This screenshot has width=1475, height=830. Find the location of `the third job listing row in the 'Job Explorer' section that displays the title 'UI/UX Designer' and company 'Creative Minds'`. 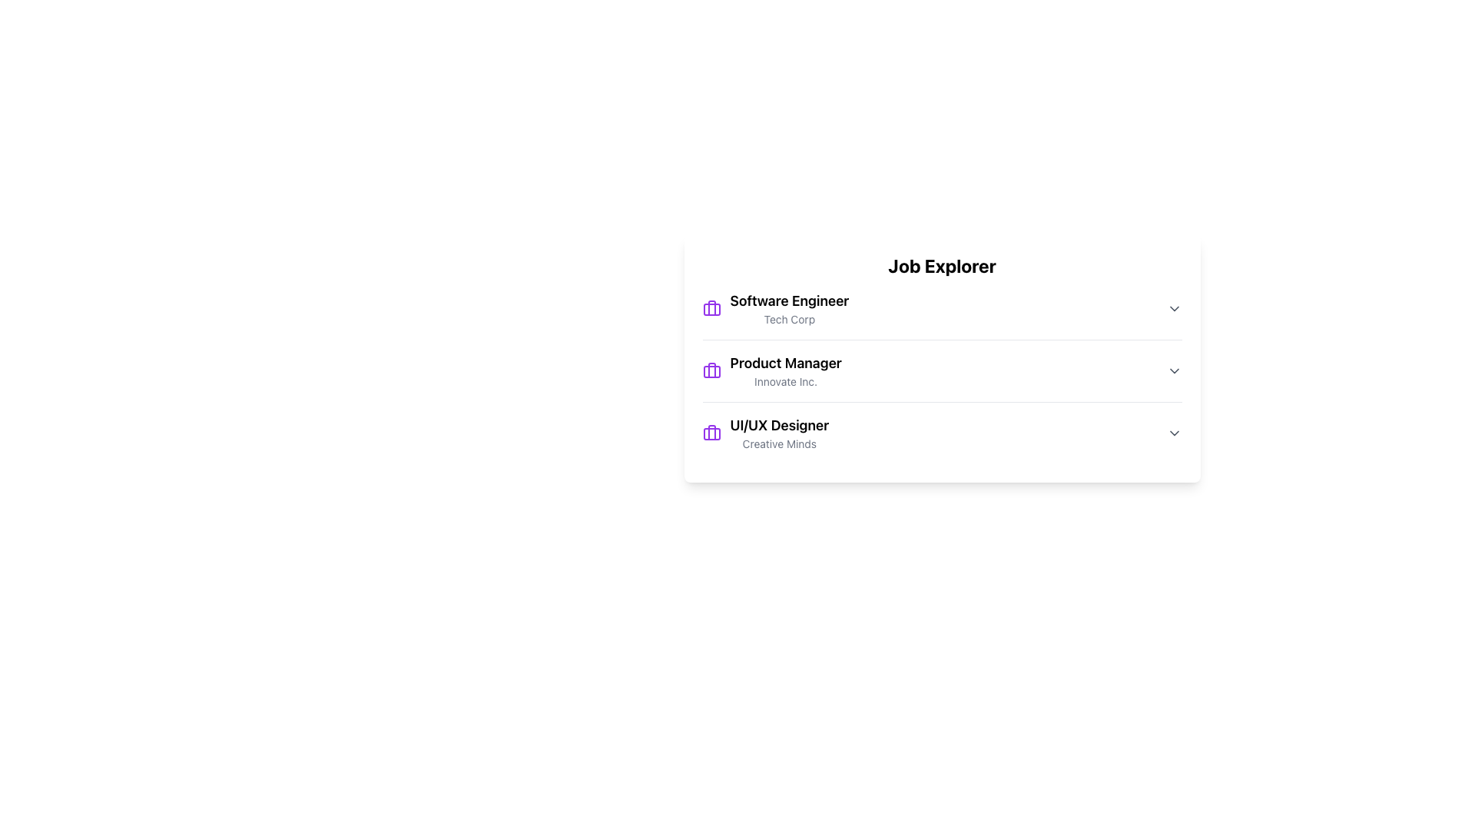

the third job listing row in the 'Job Explorer' section that displays the title 'UI/UX Designer' and company 'Creative Minds' is located at coordinates (941, 433).